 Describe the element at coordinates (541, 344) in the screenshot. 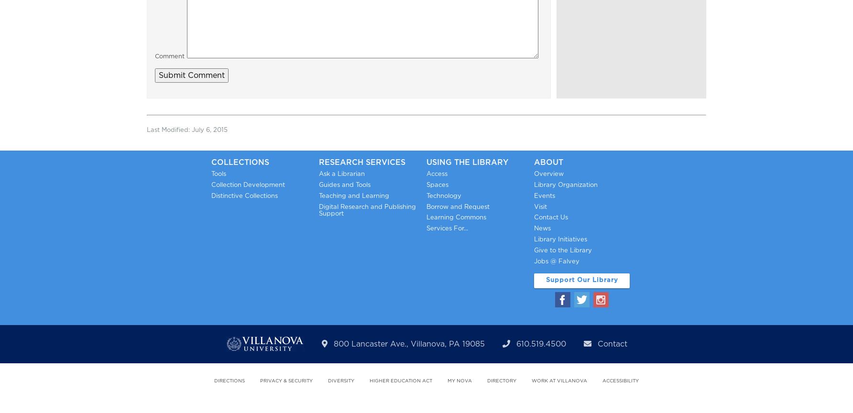

I see `'610.519.4500'` at that location.